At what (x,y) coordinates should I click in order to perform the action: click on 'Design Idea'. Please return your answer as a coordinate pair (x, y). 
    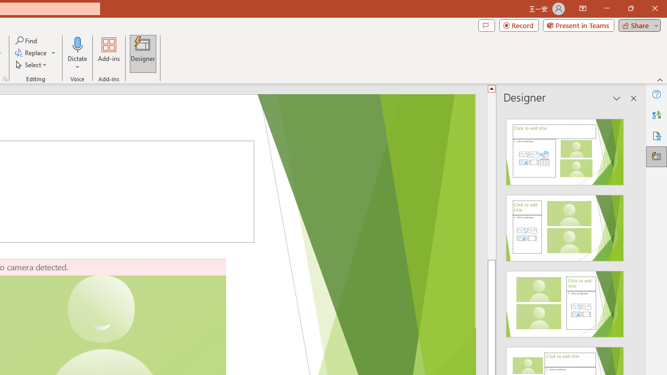
    Looking at the image, I should click on (564, 301).